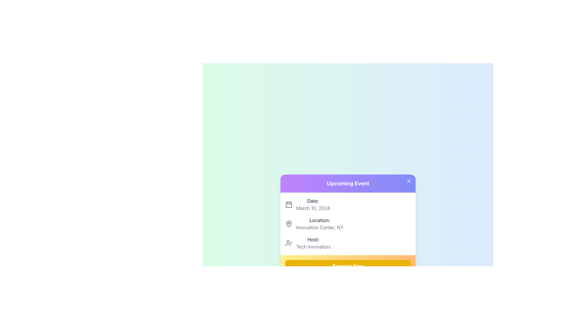 This screenshot has height=325, width=579. Describe the element at coordinates (348, 265) in the screenshot. I see `the call-to-action button located at the bottom section of the 'Upcoming Event' card to initiate the registration process` at that location.